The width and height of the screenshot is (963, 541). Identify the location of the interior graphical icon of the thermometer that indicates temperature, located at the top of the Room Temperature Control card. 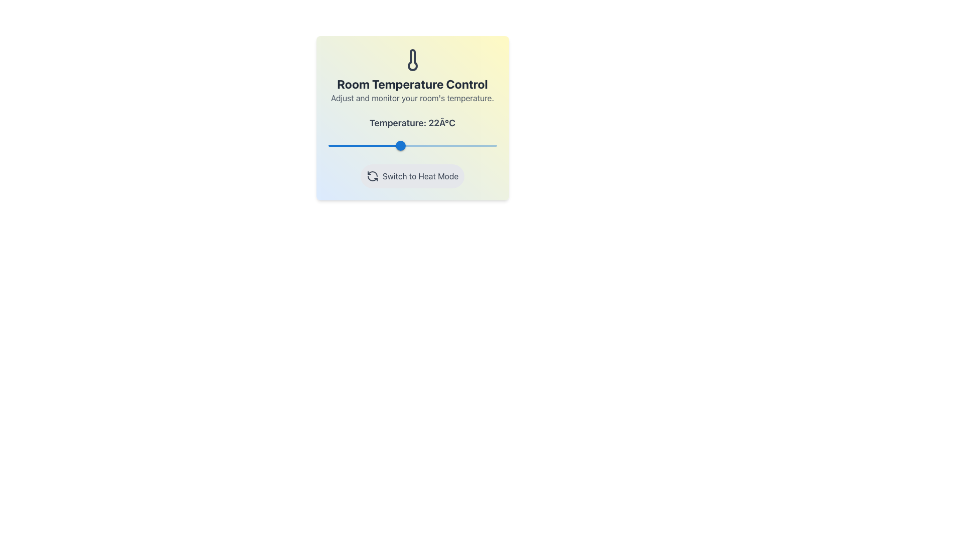
(412, 60).